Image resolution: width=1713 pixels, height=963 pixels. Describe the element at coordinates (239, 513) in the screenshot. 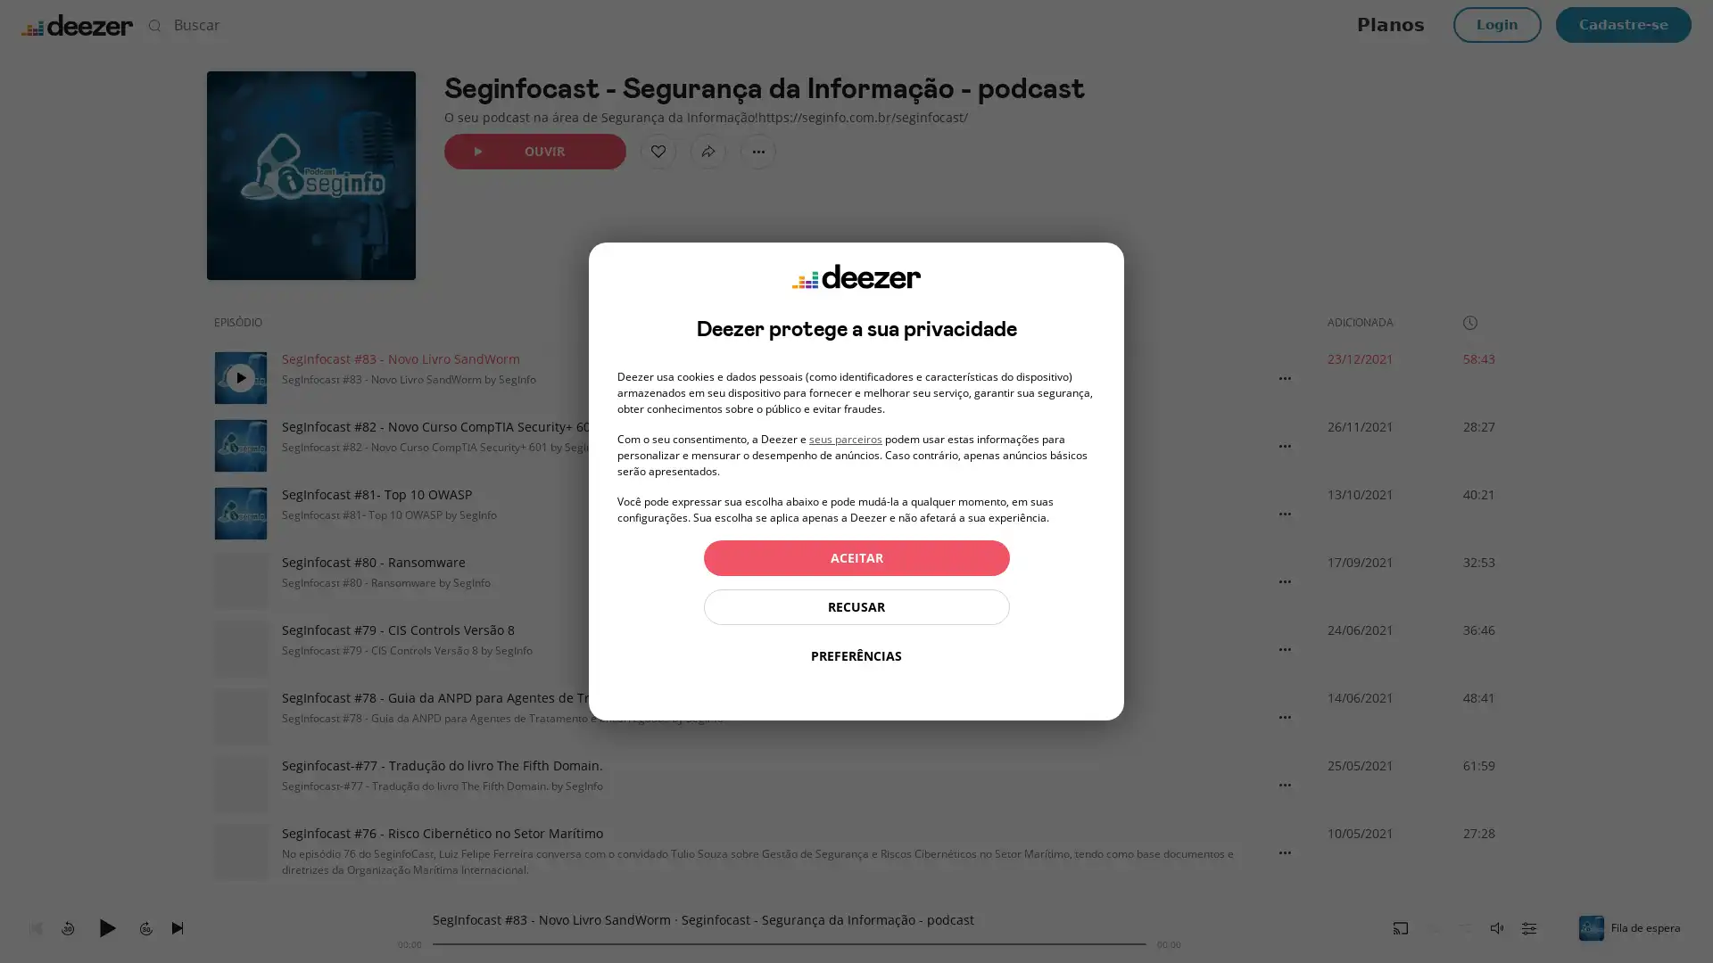

I see `Tocar SegInfocast #81- Top 10 OWASP por Seginfocast - Seguranca da Informacao - podcast` at that location.